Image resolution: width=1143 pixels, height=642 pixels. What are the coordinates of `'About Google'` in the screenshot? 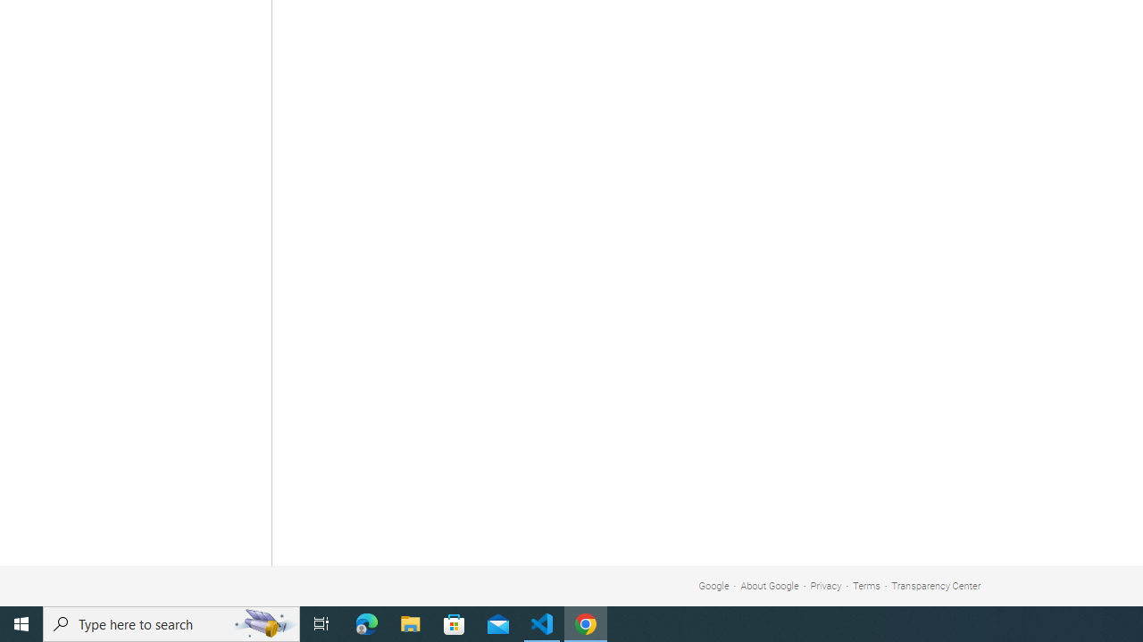 It's located at (770, 586).